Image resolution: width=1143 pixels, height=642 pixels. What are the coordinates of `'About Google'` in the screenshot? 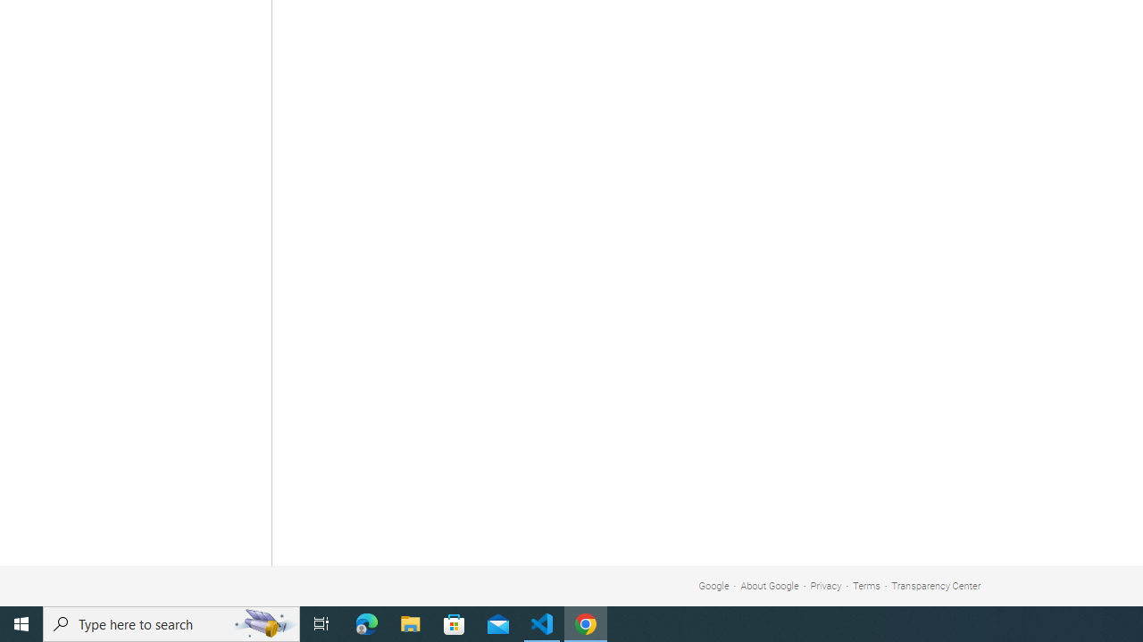 It's located at (770, 586).